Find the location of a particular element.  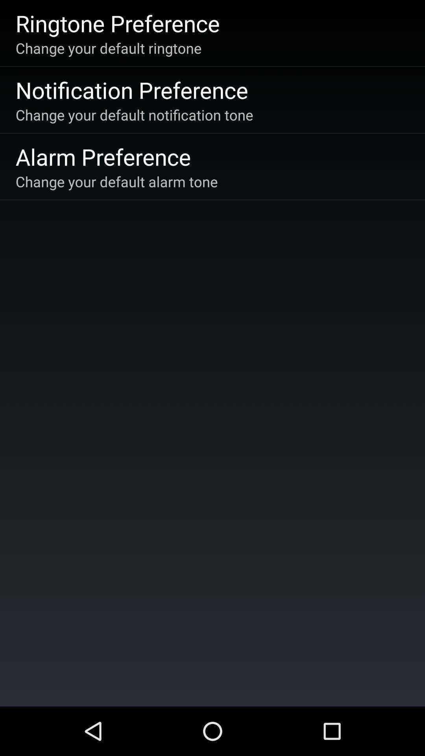

alarm preference icon is located at coordinates (103, 156).